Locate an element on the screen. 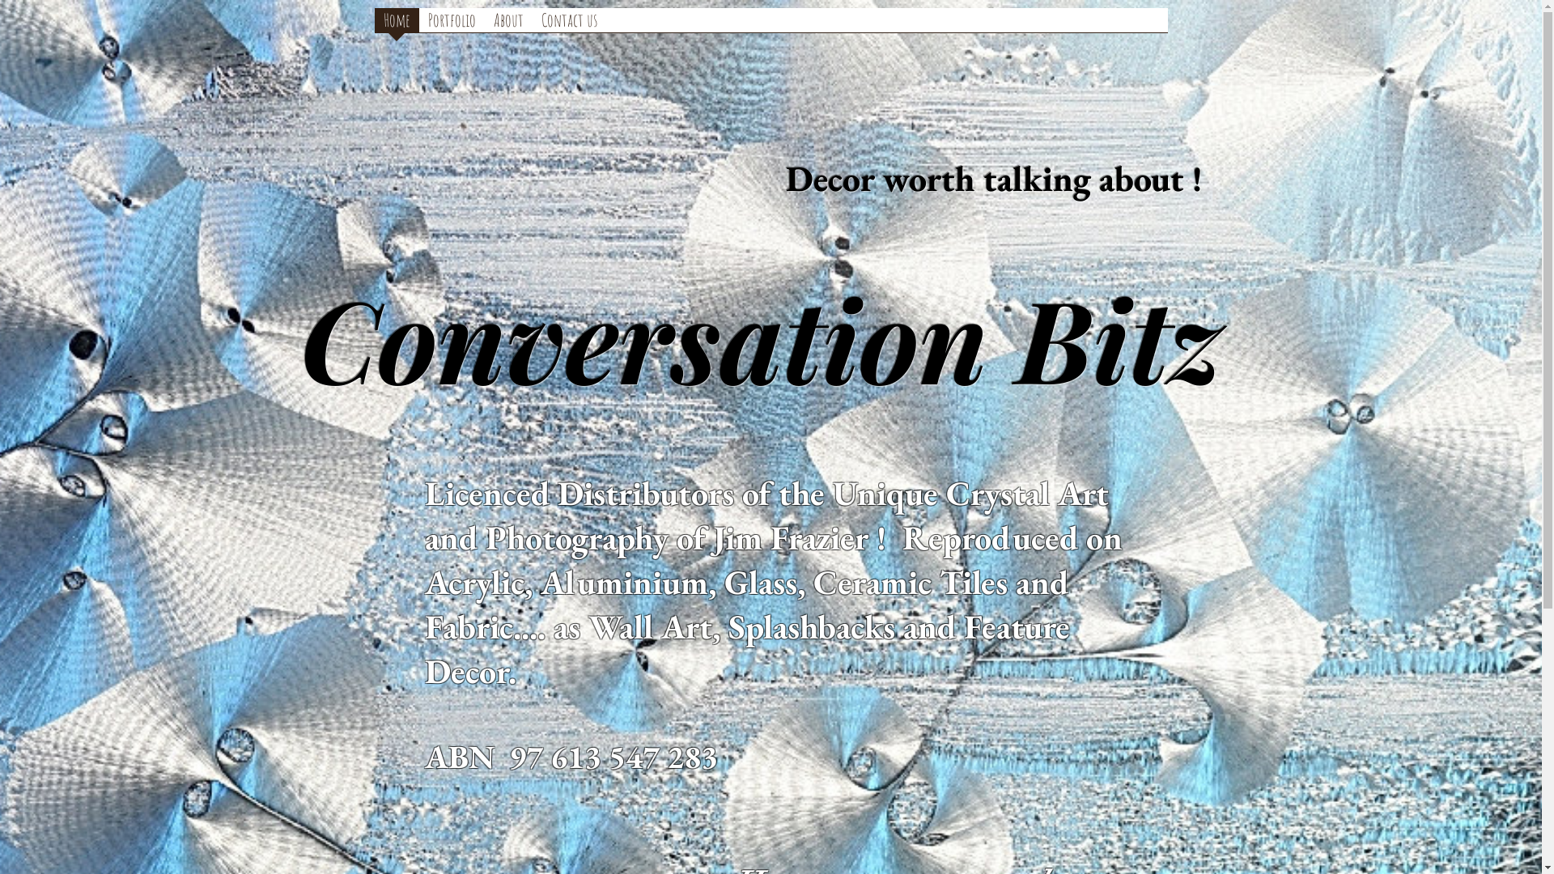 Image resolution: width=1554 pixels, height=874 pixels. 'Portfolio' is located at coordinates (452, 25).